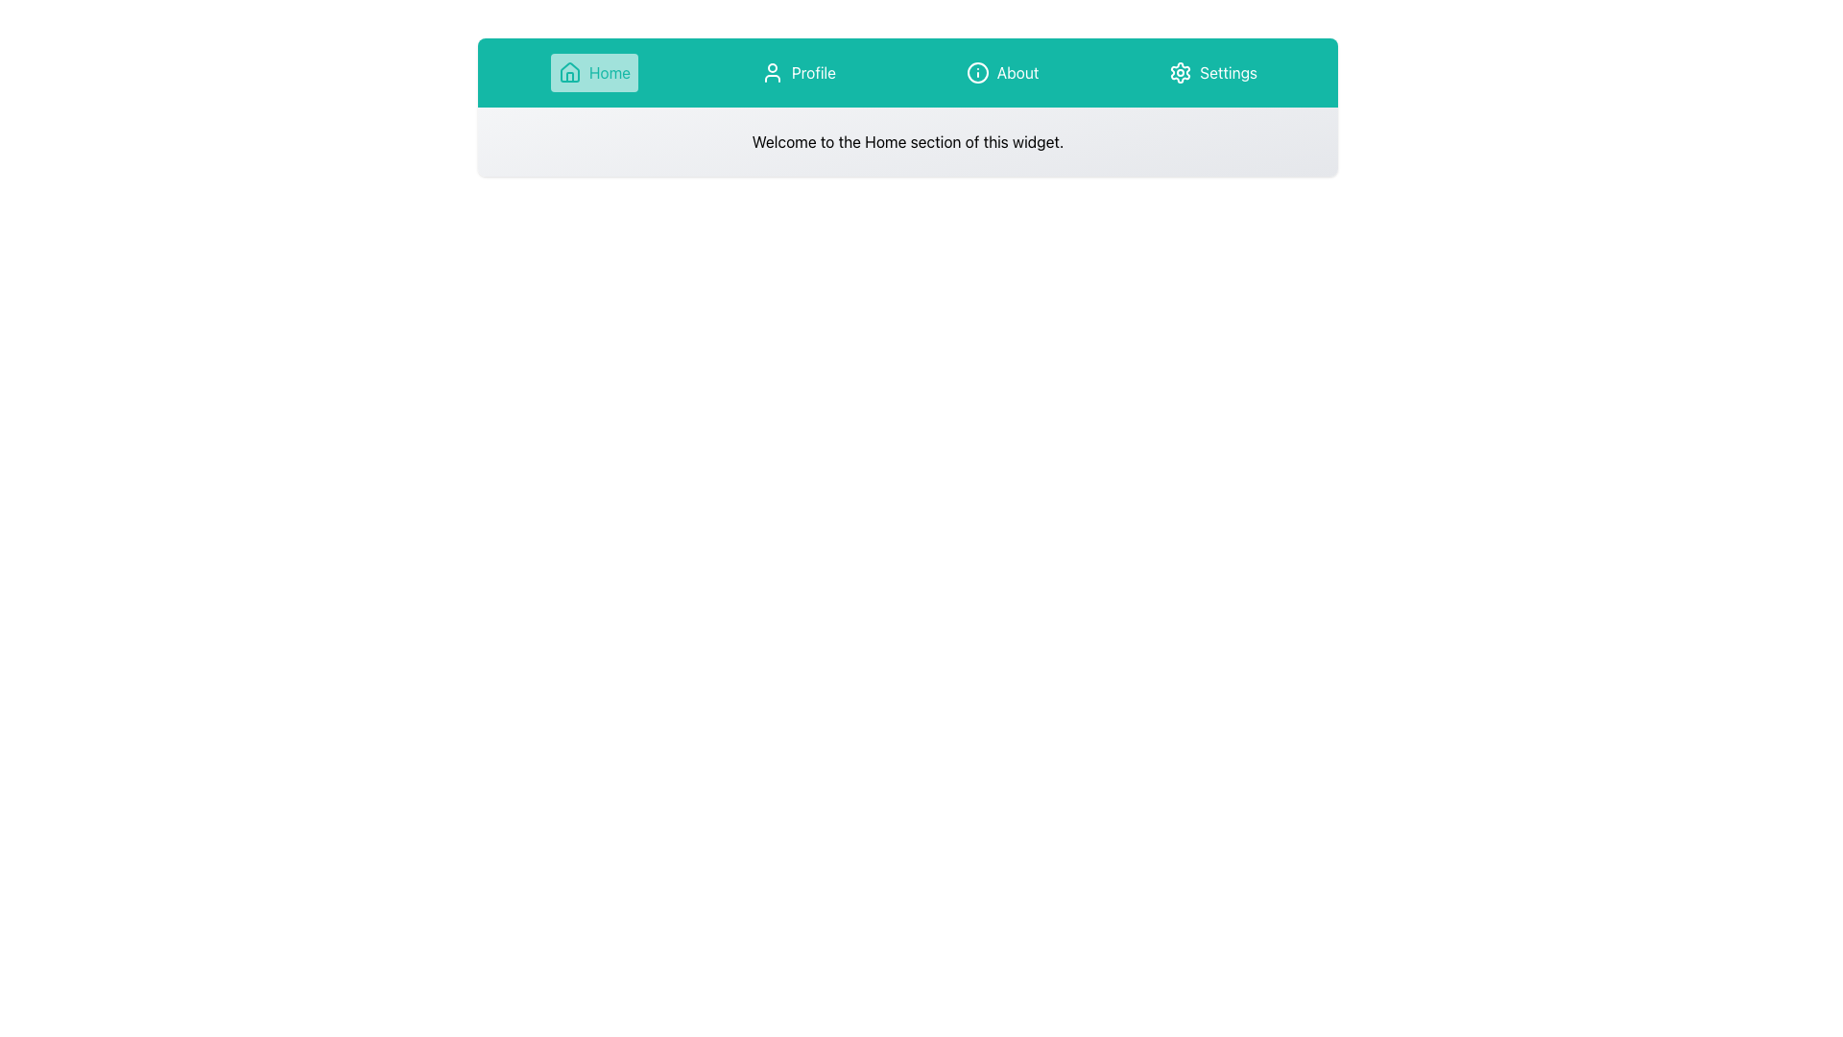 This screenshot has width=1843, height=1037. What do you see at coordinates (906, 140) in the screenshot?
I see `the prominent Text element` at bounding box center [906, 140].